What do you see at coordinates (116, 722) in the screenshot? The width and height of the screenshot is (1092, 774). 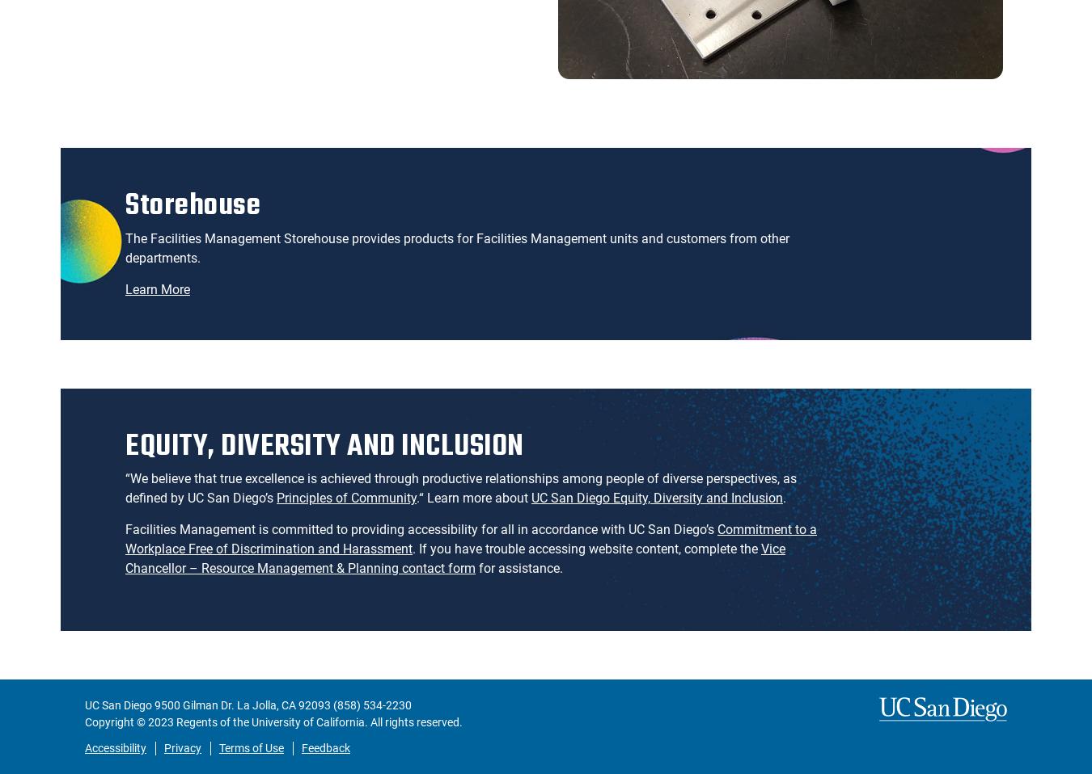 I see `'Copyright ©'` at bounding box center [116, 722].